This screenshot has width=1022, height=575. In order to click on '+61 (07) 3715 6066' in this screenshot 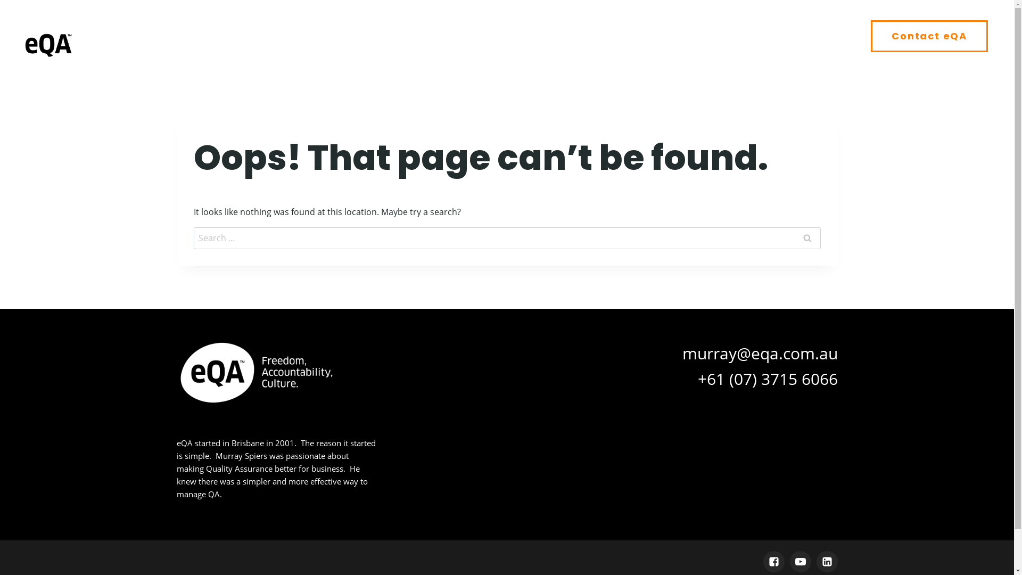, I will do `click(767, 377)`.